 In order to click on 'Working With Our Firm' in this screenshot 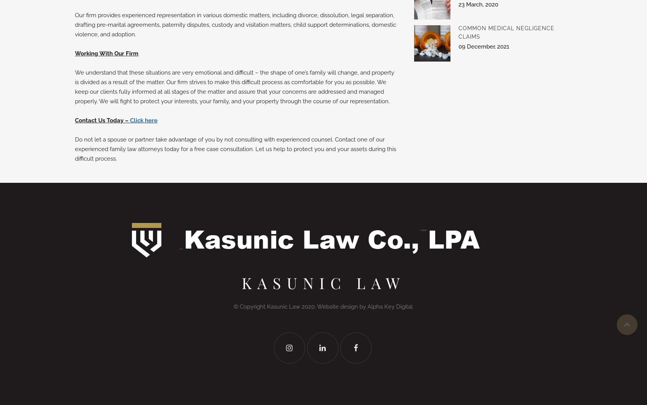, I will do `click(107, 53)`.